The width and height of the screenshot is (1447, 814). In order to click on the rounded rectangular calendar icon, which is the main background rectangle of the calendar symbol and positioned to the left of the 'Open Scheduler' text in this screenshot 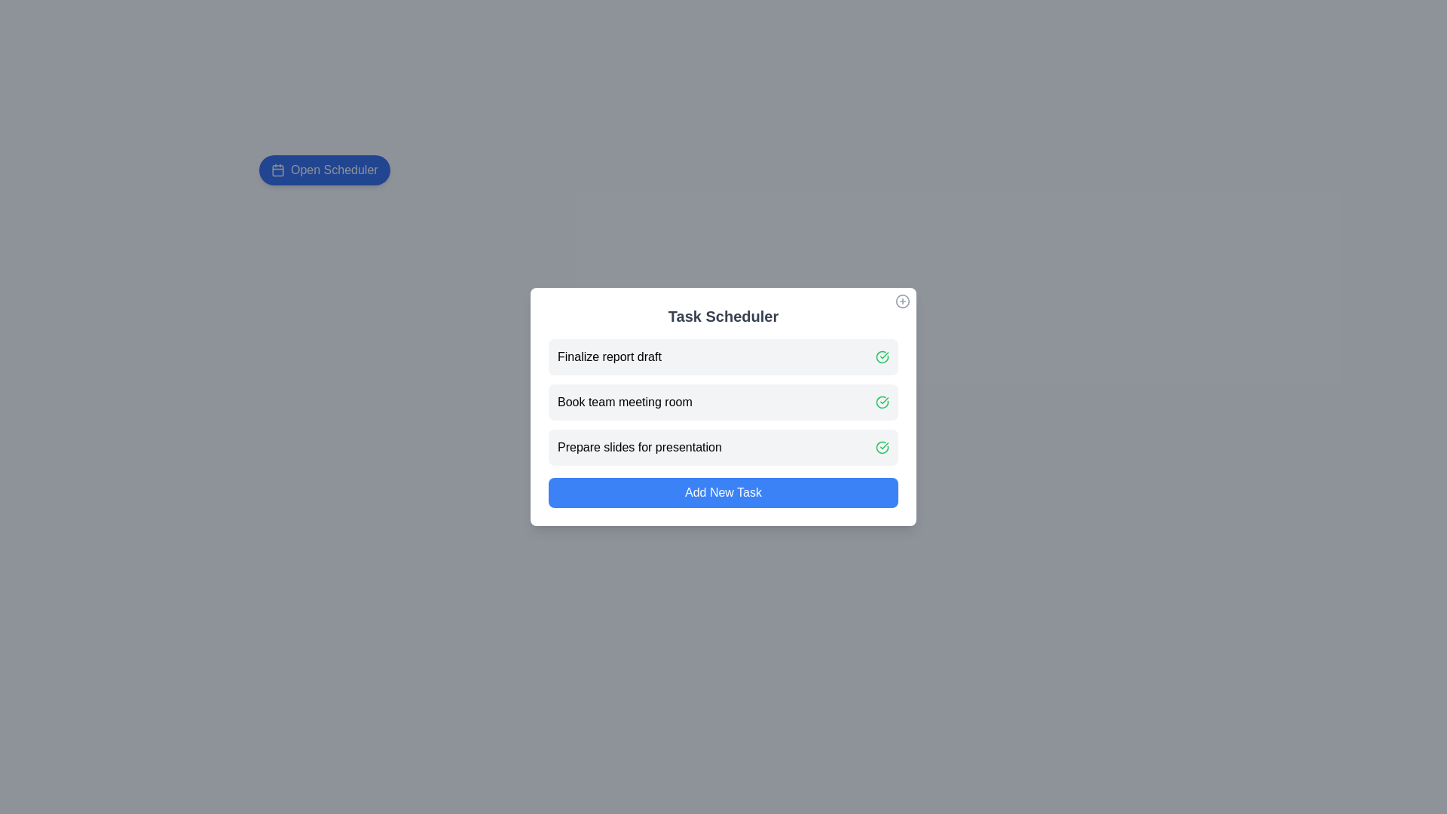, I will do `click(278, 170)`.